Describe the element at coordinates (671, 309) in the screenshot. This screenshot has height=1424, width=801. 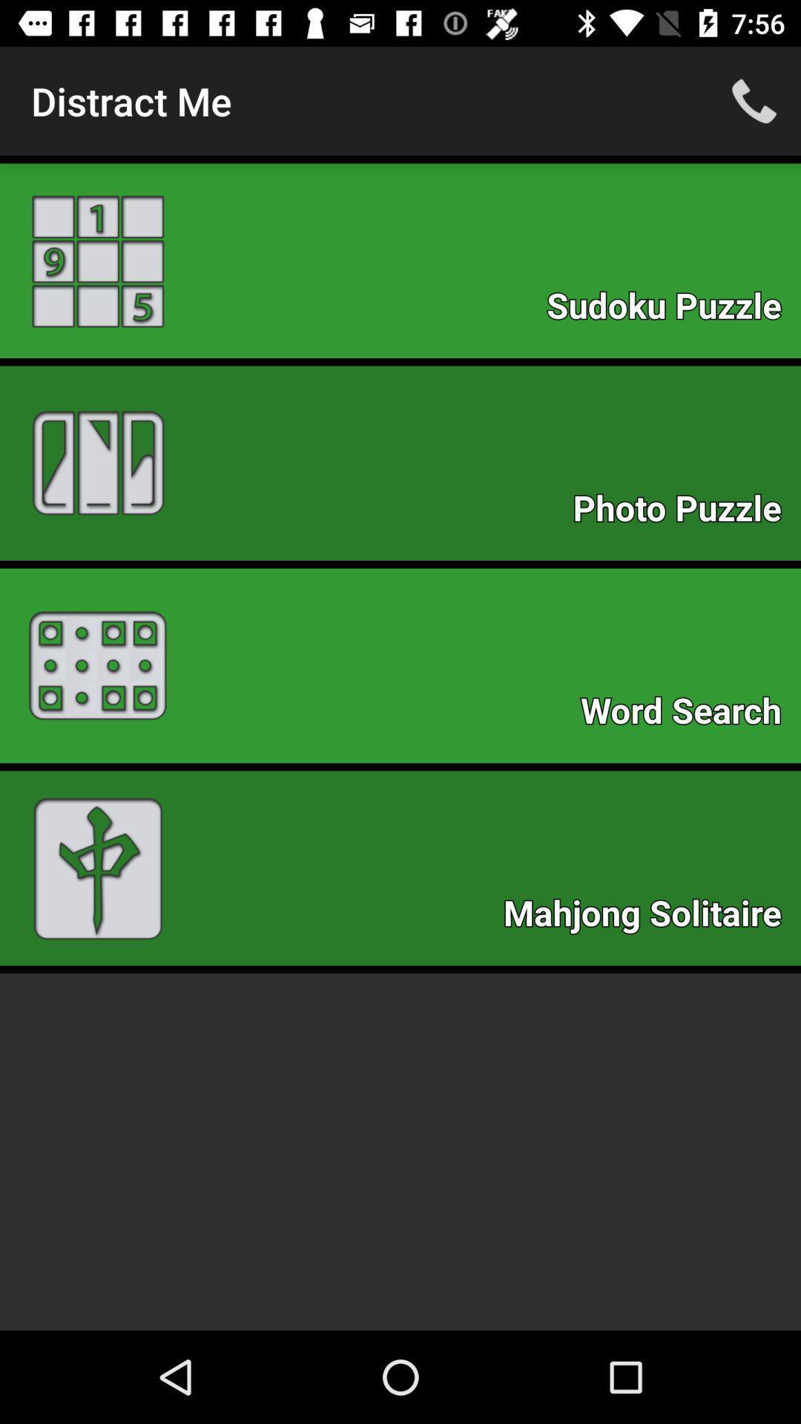
I see `the item above the photo puzzle item` at that location.